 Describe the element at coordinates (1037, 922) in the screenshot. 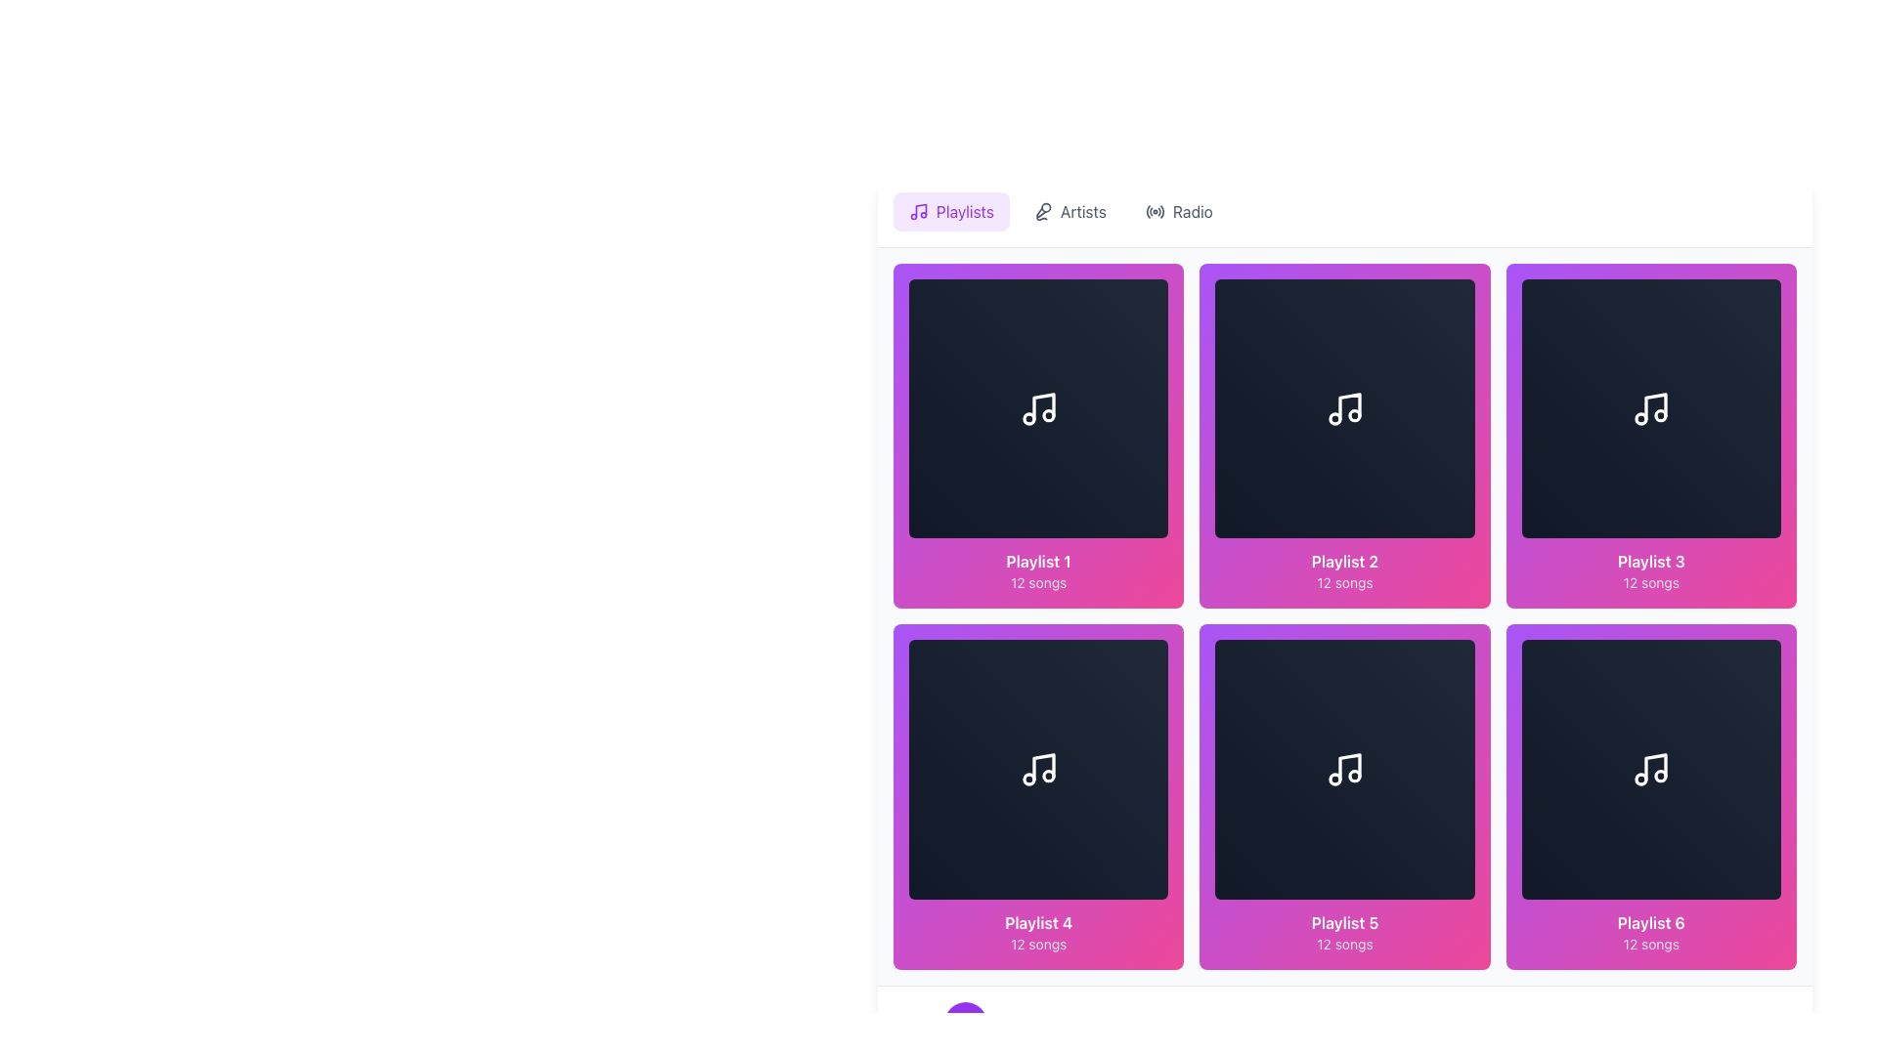

I see `the 'Playlist 4' text label, which is styled in bold white font and located within the vibrant gradient card in the second row, first column of the playlist grid` at that location.